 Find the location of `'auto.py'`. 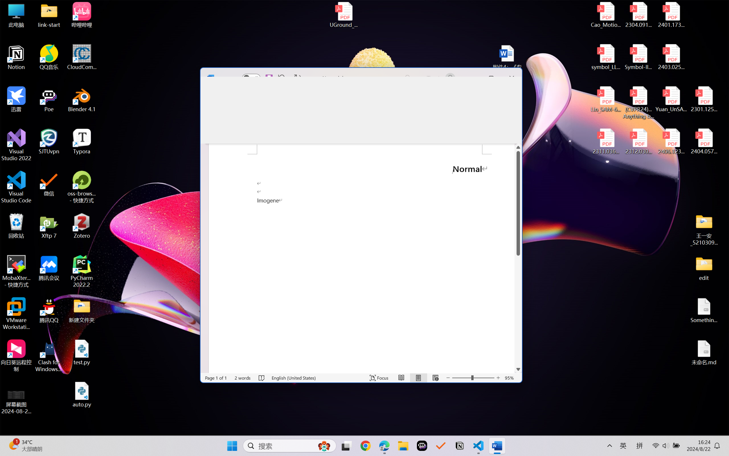

'auto.py' is located at coordinates (82, 394).